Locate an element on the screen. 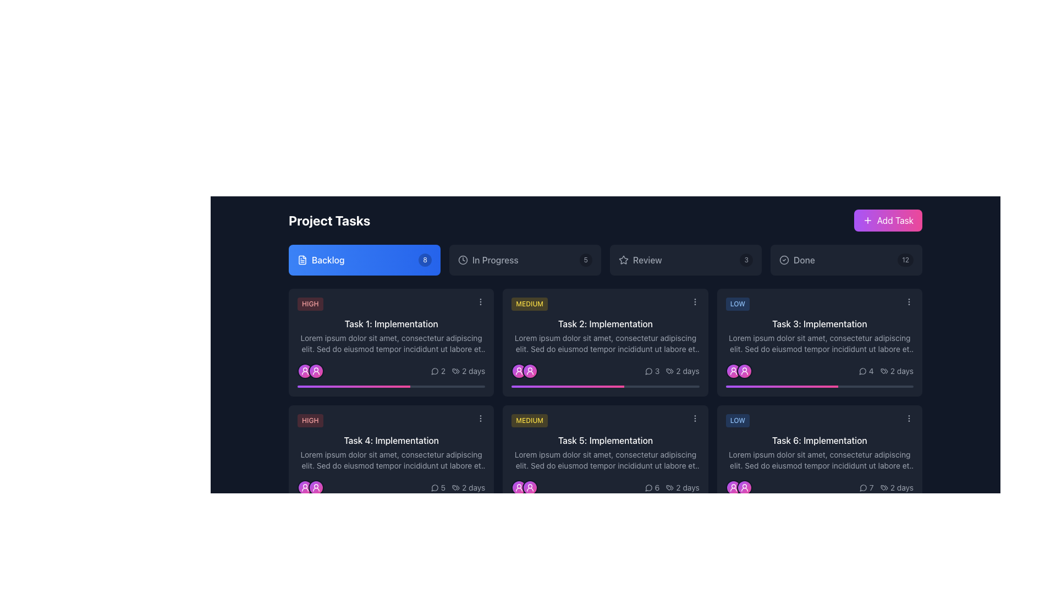 The height and width of the screenshot is (594, 1056). value of the static text that shows the number of comments or interactions on the task card, located in the lower right of the layout, adjacent to the speech bubble icon and above the '2 days' label is located at coordinates (657, 487).